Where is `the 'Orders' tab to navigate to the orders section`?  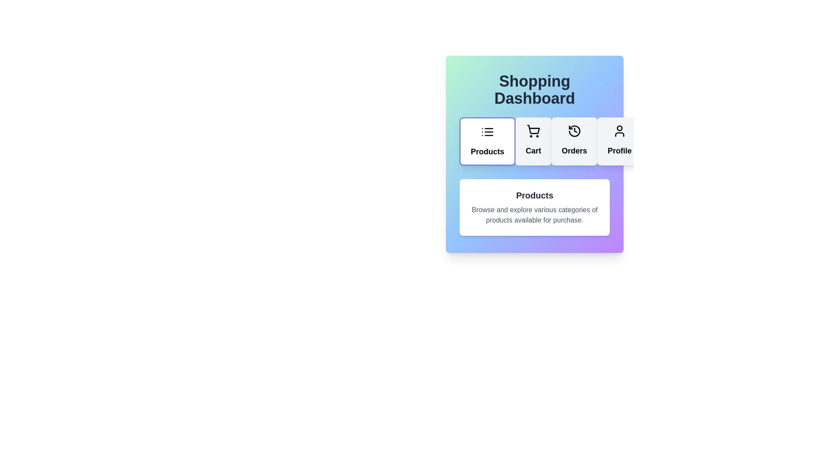
the 'Orders' tab to navigate to the orders section is located at coordinates (574, 141).